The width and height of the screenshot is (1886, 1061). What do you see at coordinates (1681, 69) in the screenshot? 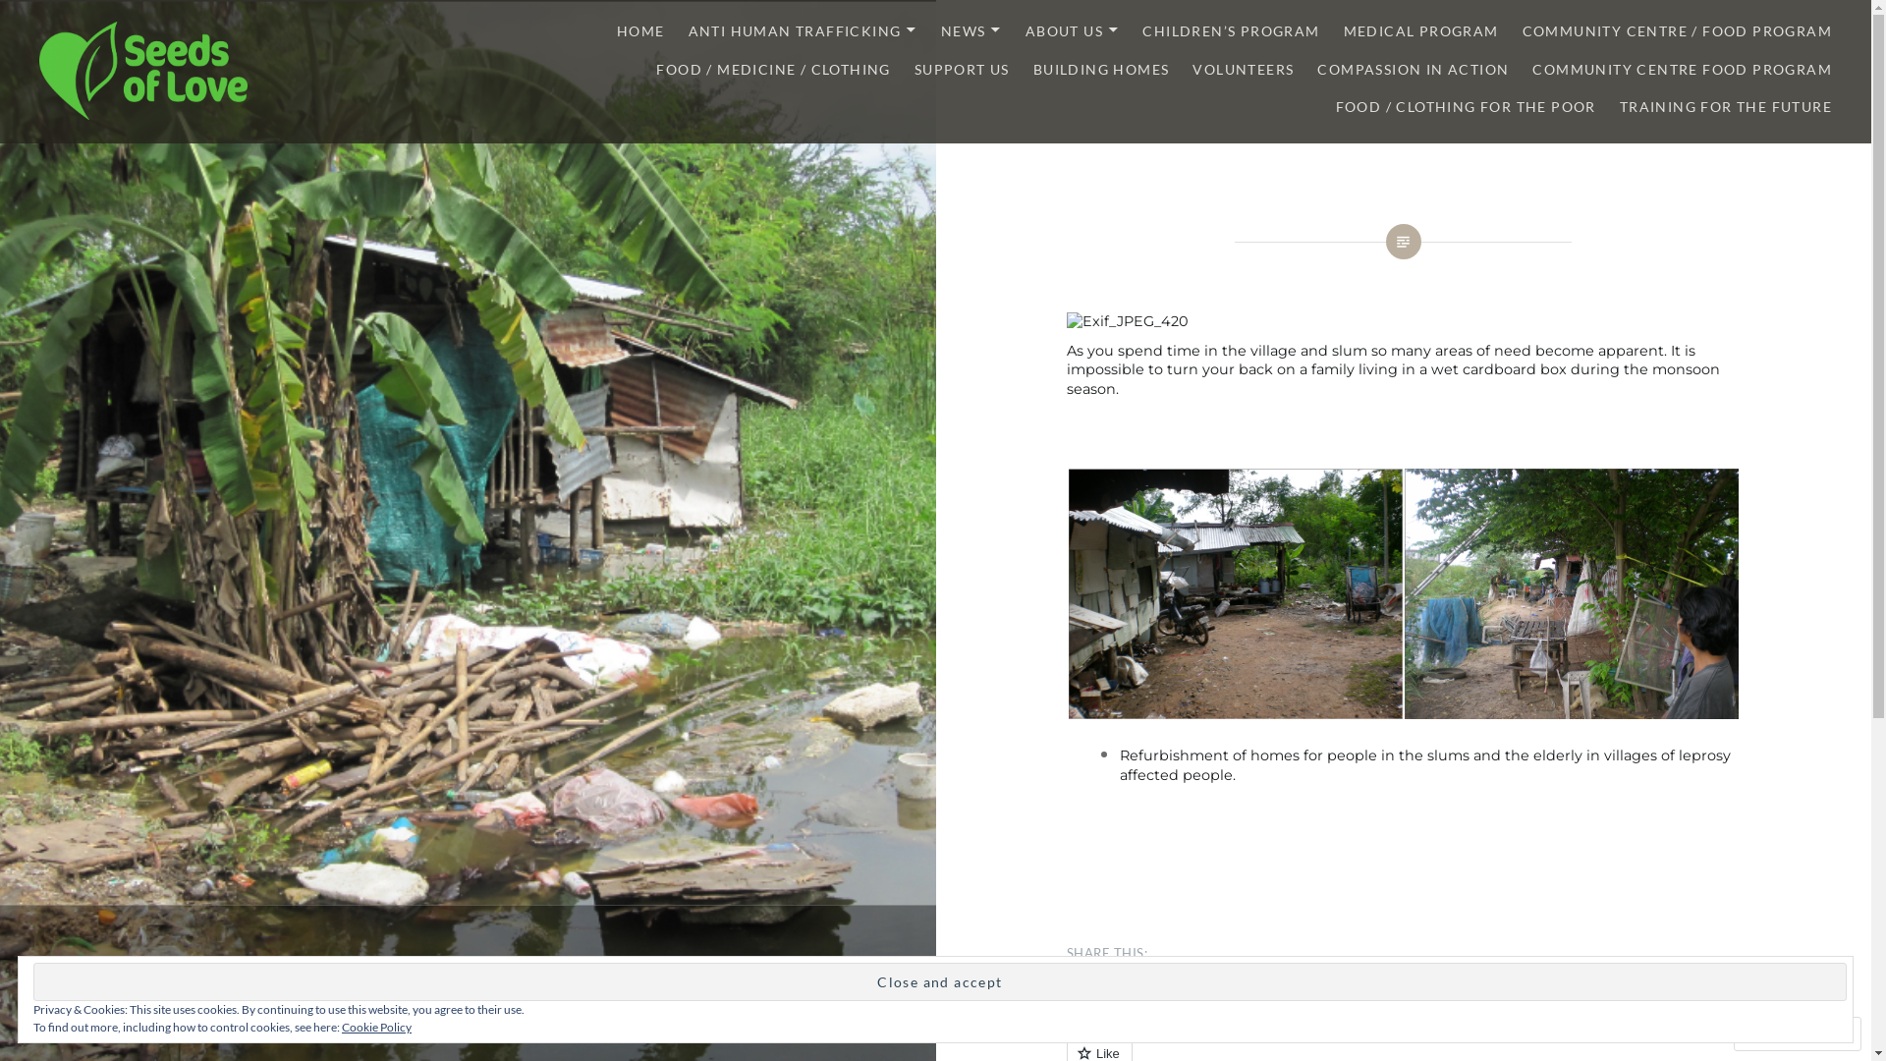
I see `'COMMUNITY CENTRE FOOD PROGRAM'` at bounding box center [1681, 69].